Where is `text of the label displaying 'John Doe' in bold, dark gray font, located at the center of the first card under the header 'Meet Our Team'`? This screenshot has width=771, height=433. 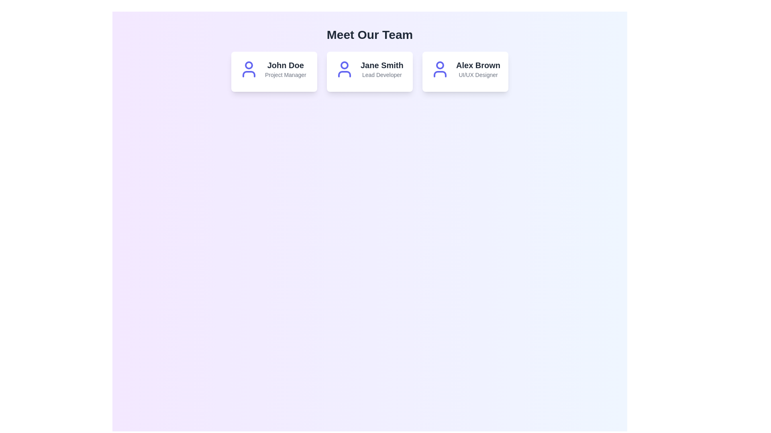
text of the label displaying 'John Doe' in bold, dark gray font, located at the center of the first card under the header 'Meet Our Team' is located at coordinates (286, 65).